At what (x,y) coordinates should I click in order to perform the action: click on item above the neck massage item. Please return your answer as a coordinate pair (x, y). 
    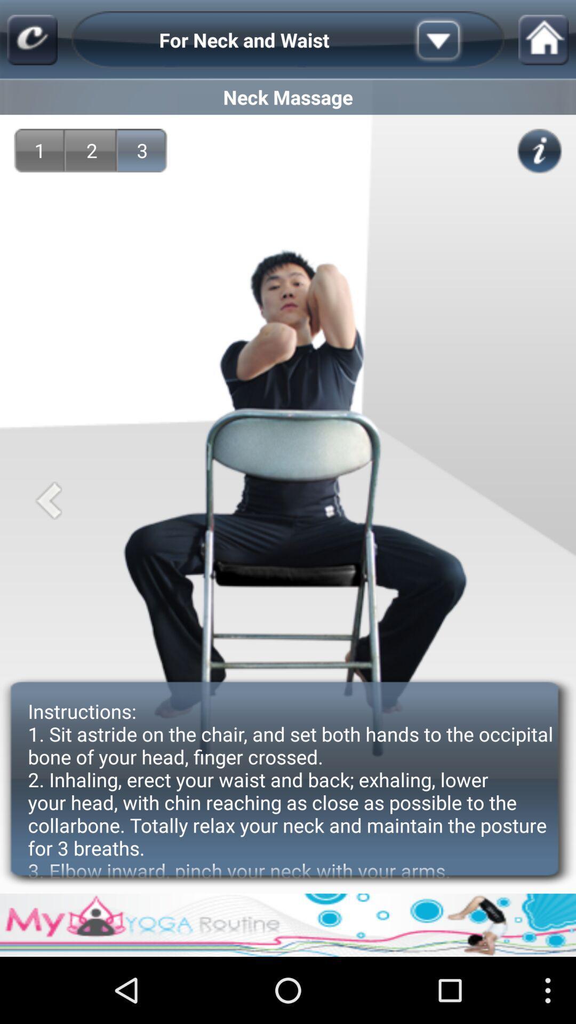
    Looking at the image, I should click on (455, 40).